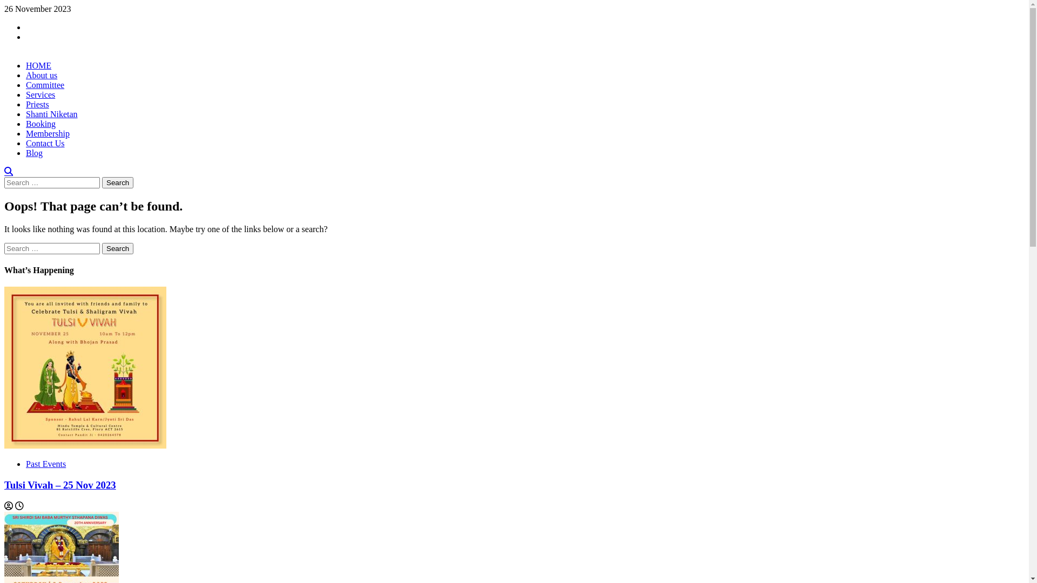 The image size is (1037, 583). I want to click on 'About us', so click(41, 74).